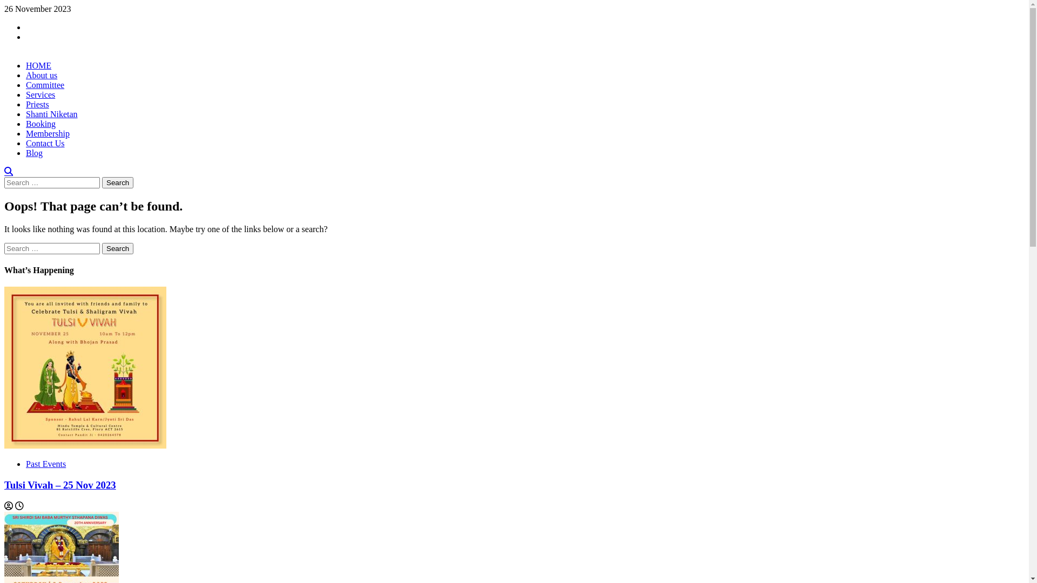 The image size is (1037, 583). I want to click on 'About us', so click(41, 74).